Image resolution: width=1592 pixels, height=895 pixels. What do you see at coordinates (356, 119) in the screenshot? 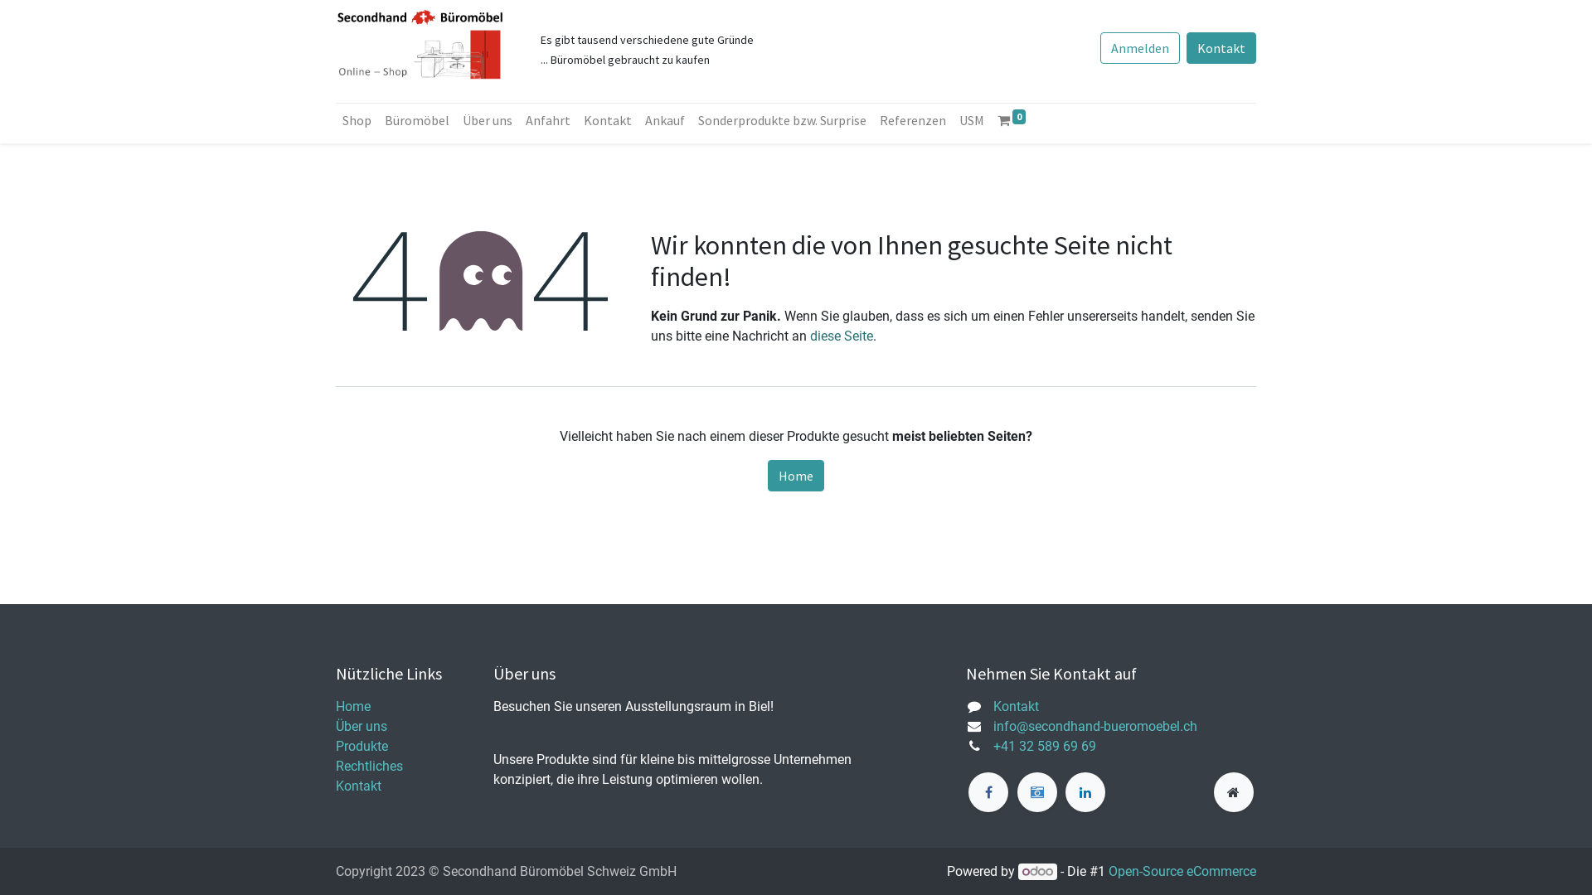
I see `'Shop'` at bounding box center [356, 119].